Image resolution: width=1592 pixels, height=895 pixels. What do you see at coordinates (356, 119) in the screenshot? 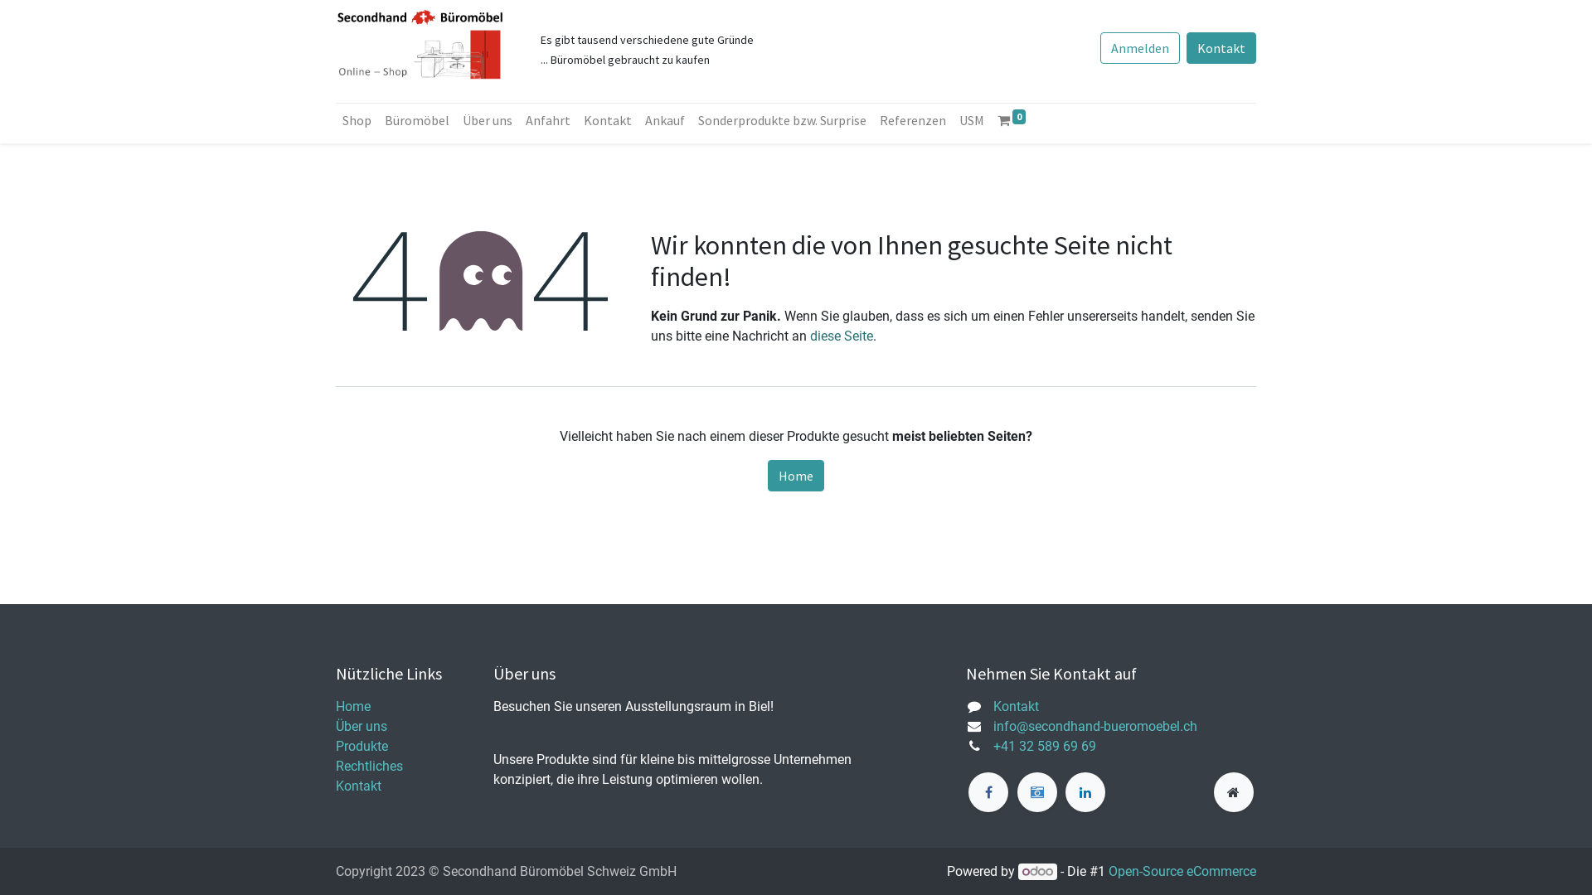
I see `'Shop'` at bounding box center [356, 119].